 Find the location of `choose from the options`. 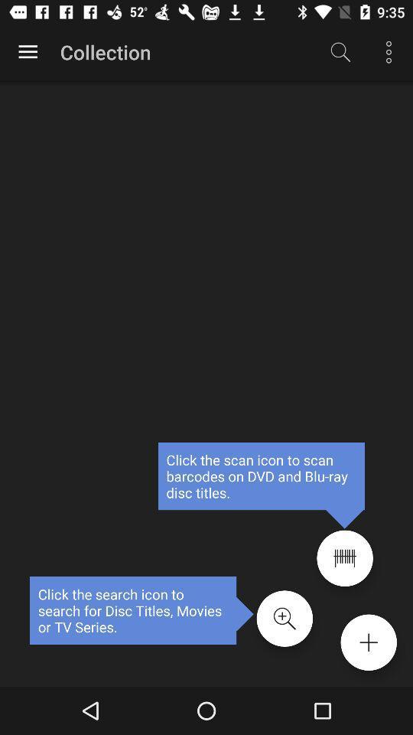

choose from the options is located at coordinates (28, 52).